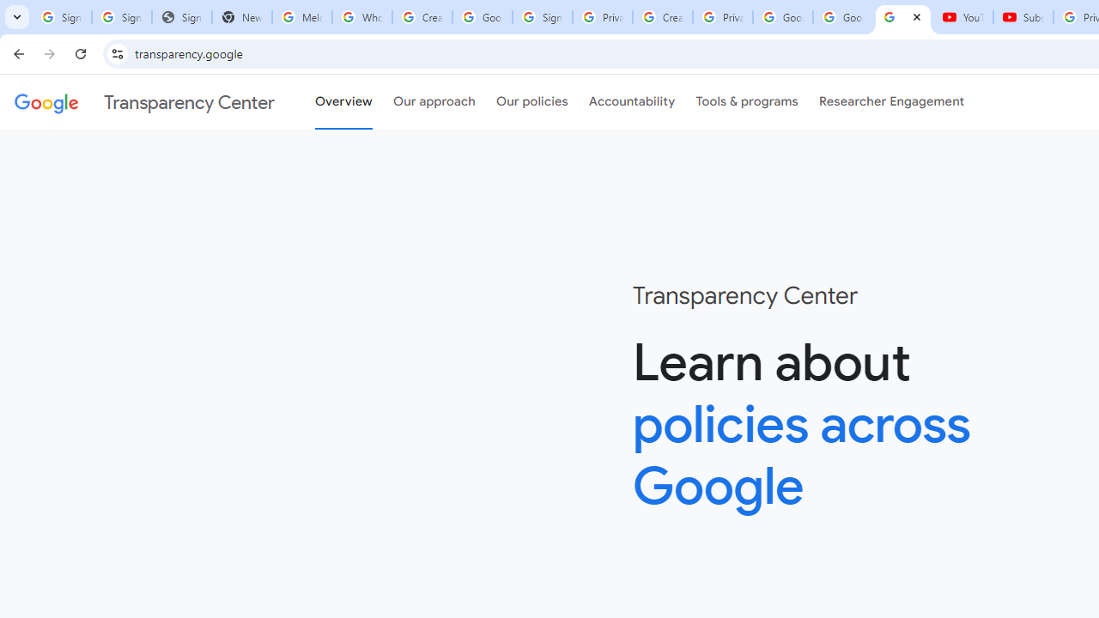  What do you see at coordinates (241, 17) in the screenshot?
I see `'New Tab'` at bounding box center [241, 17].